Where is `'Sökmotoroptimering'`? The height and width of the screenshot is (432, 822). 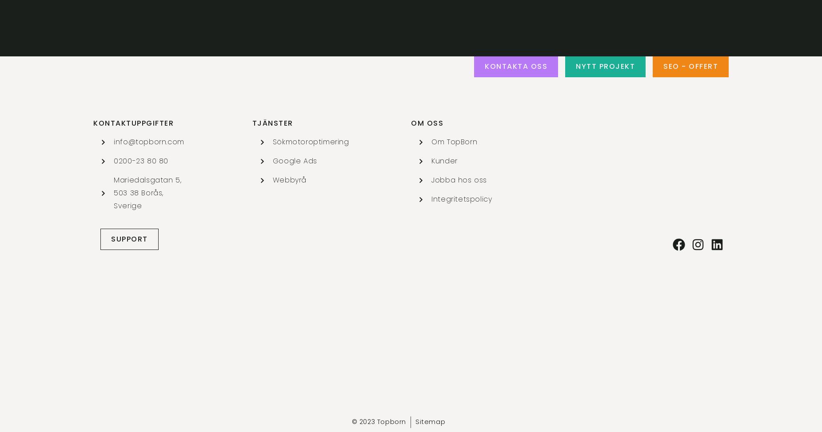 'Sökmotoroptimering' is located at coordinates (310, 142).